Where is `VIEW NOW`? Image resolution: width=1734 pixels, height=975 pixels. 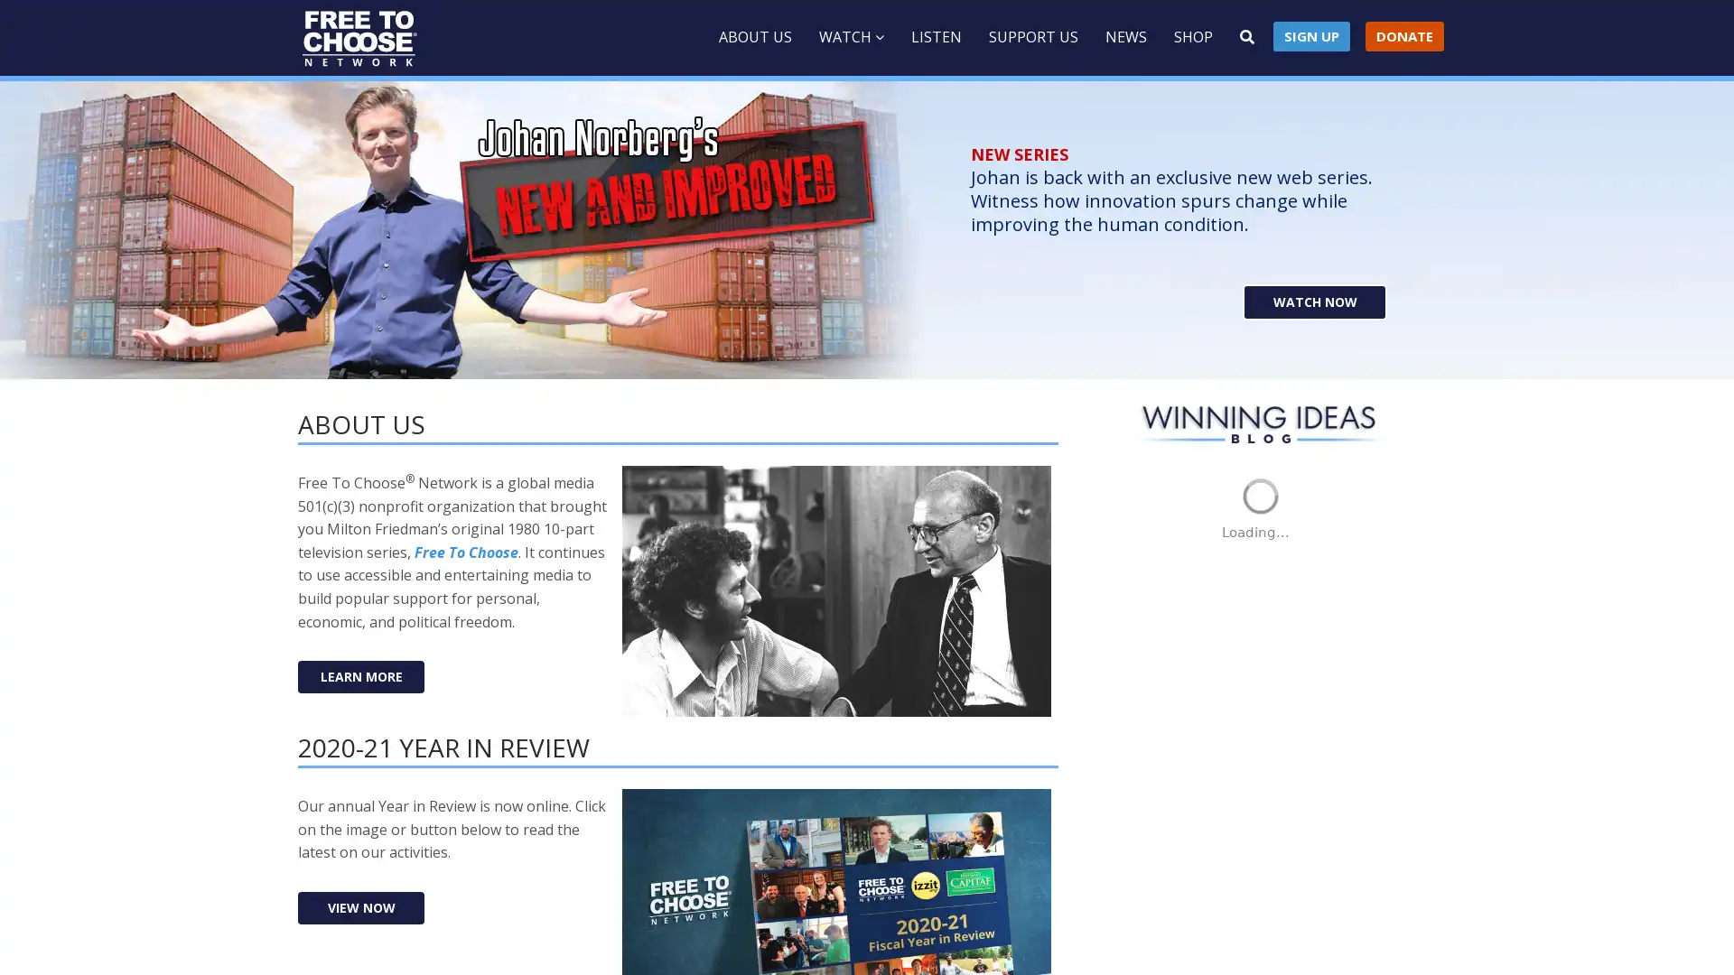 VIEW NOW is located at coordinates (360, 907).